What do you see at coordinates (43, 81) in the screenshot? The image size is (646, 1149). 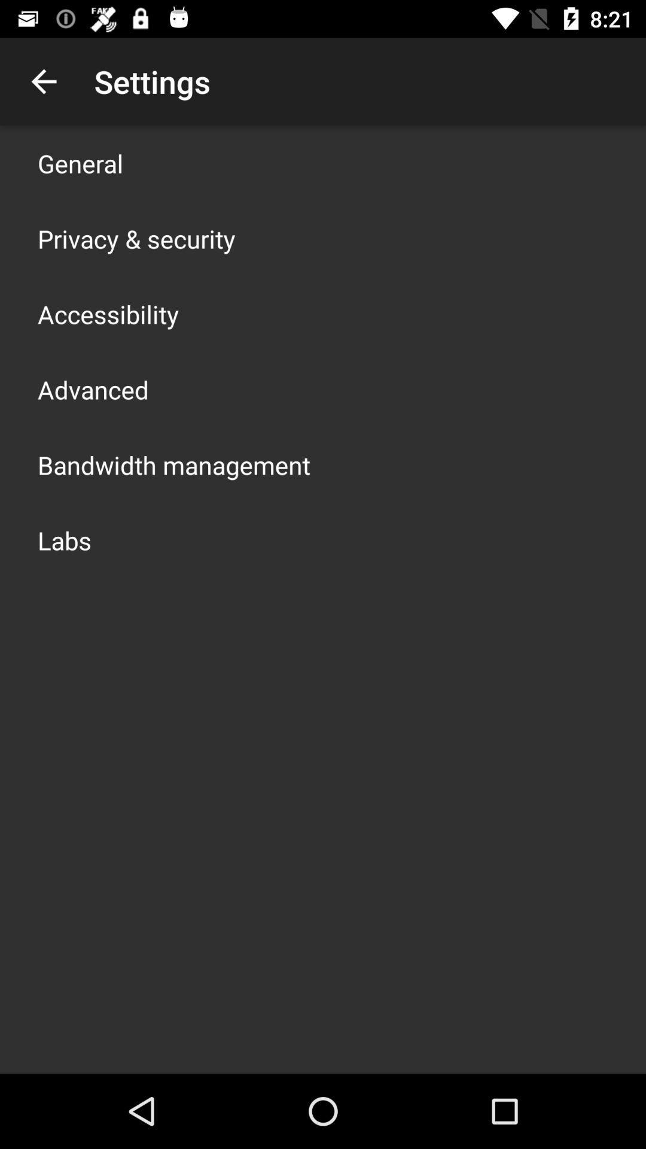 I see `the app to the left of the settings icon` at bounding box center [43, 81].